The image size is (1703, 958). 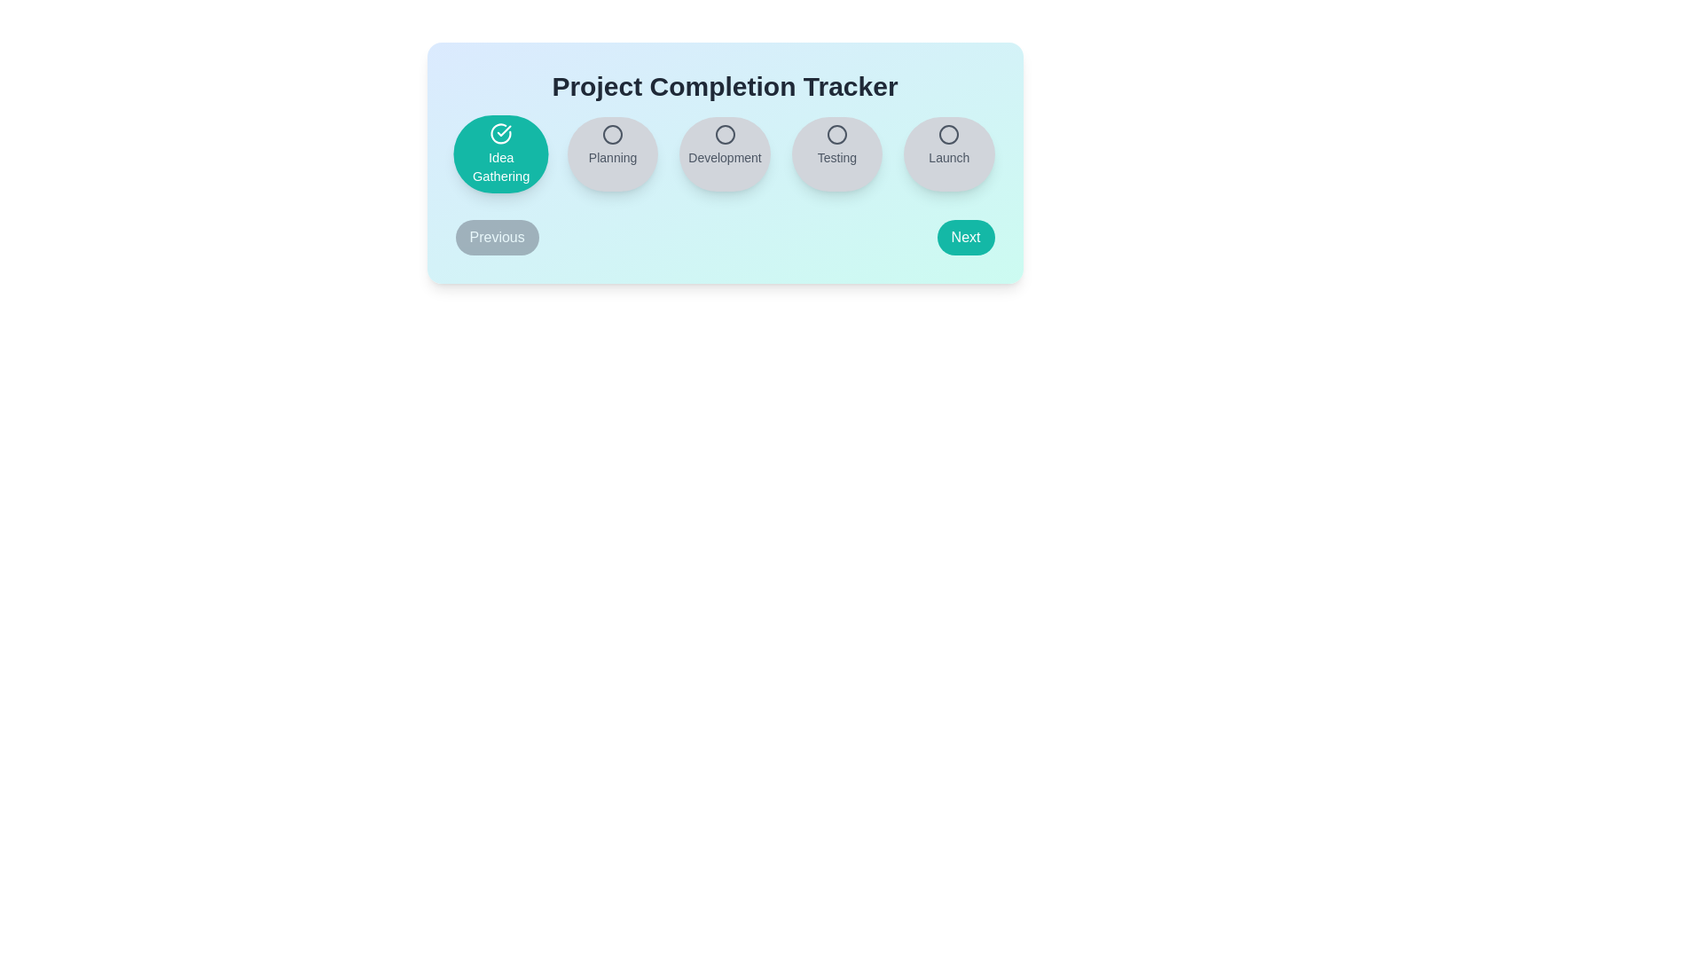 I want to click on the circular icon located at the center of the gray rounded rectangular button labeled 'Development', so click(x=725, y=133).